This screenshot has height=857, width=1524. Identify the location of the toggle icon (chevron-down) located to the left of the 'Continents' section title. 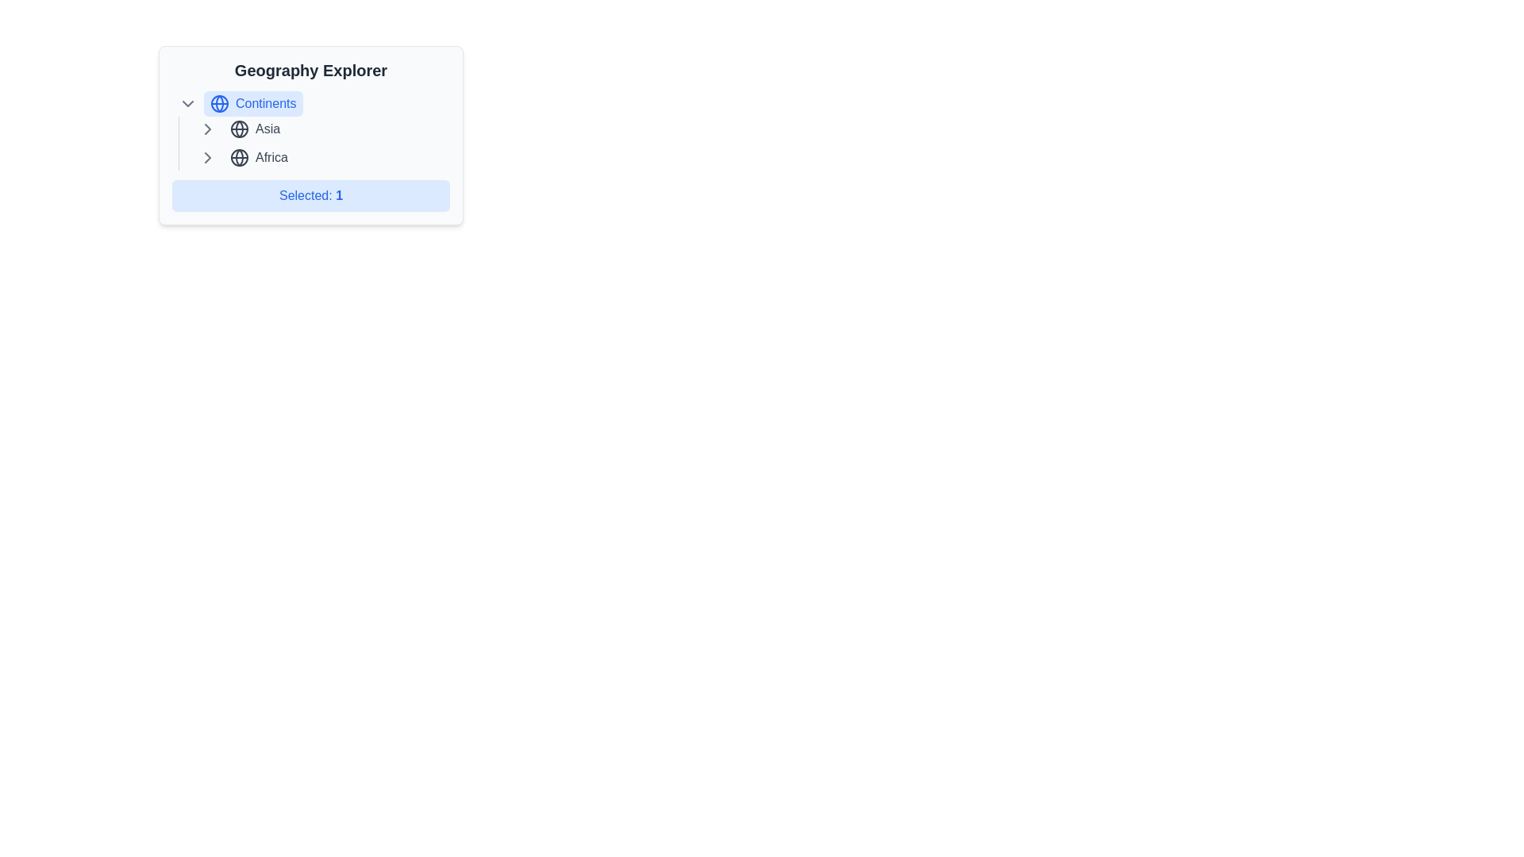
(187, 104).